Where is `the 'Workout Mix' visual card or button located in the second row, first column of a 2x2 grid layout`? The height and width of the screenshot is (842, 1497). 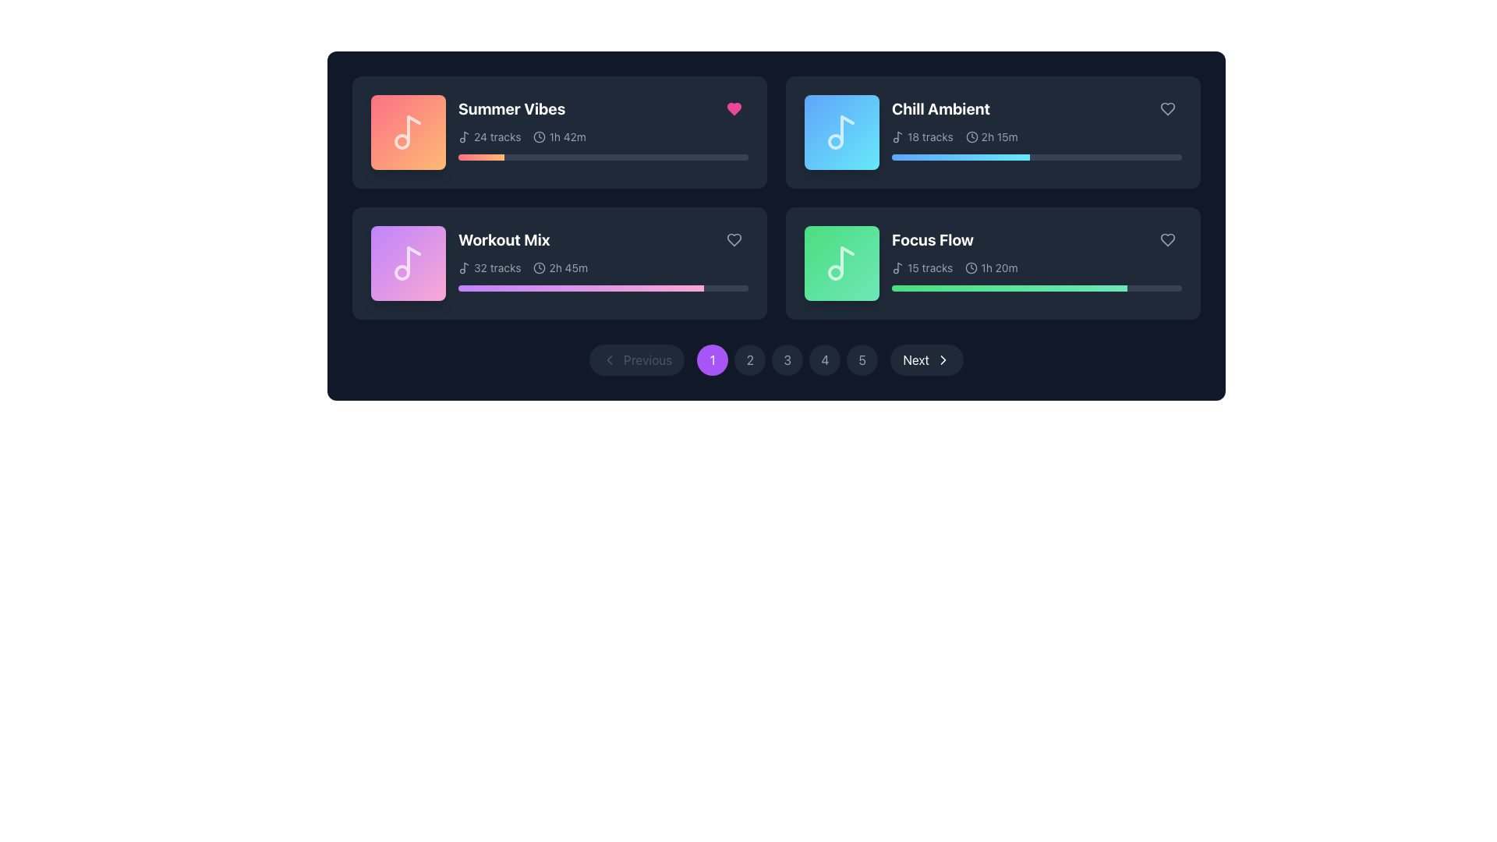 the 'Workout Mix' visual card or button located in the second row, first column of a 2x2 grid layout is located at coordinates (408, 263).